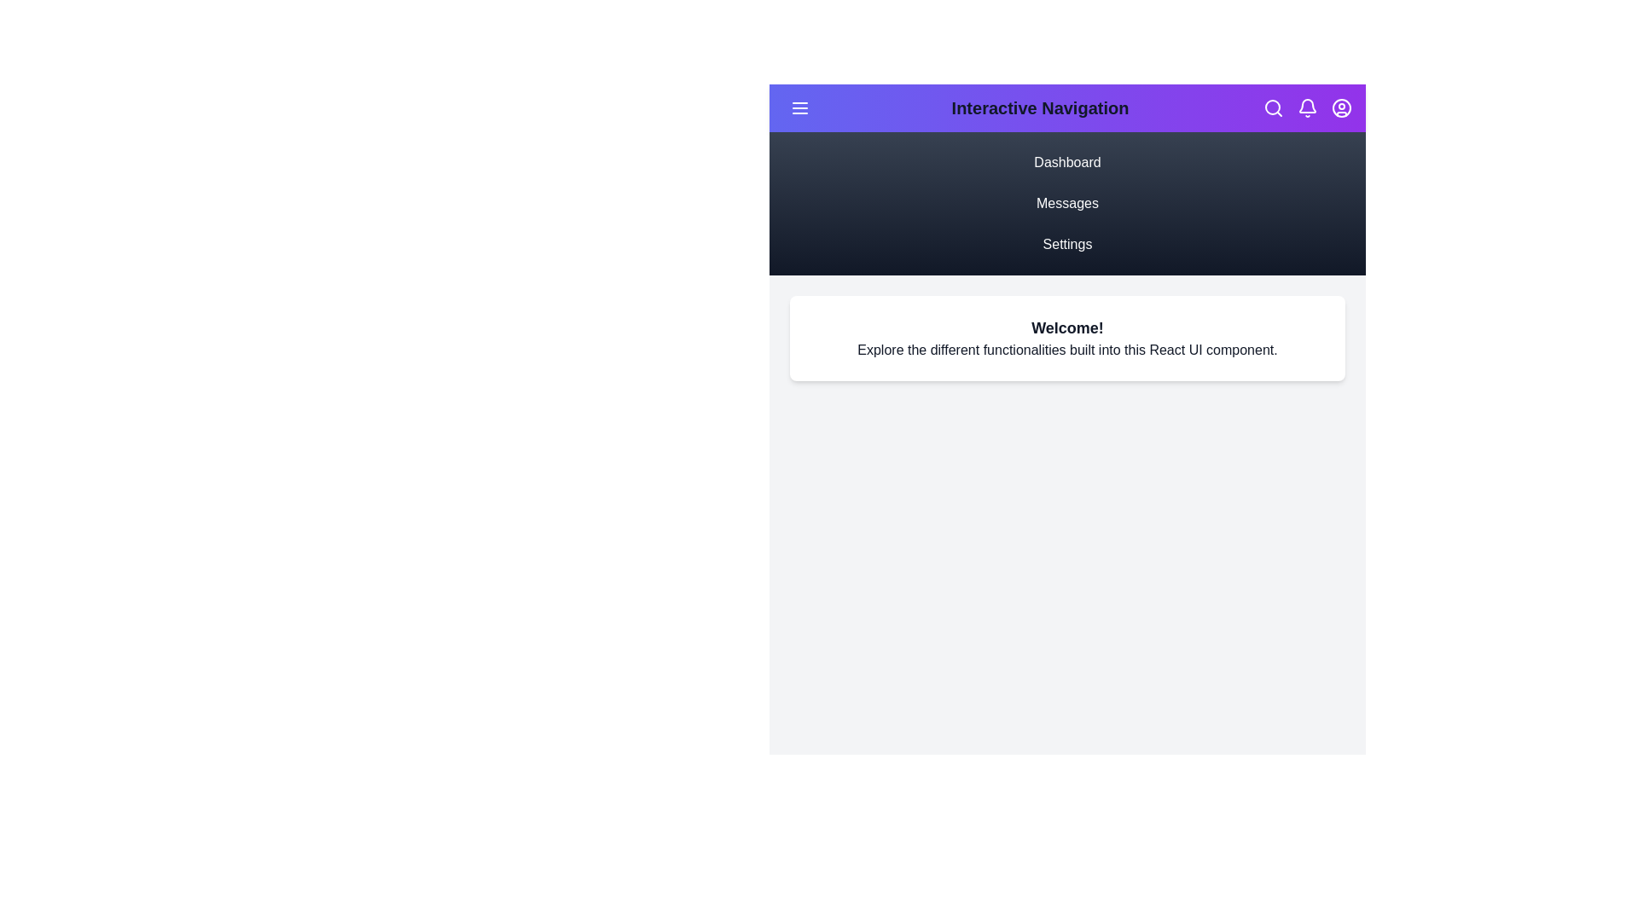 The width and height of the screenshot is (1638, 921). I want to click on the menu toggle button to toggle the menu visibility, so click(799, 108).